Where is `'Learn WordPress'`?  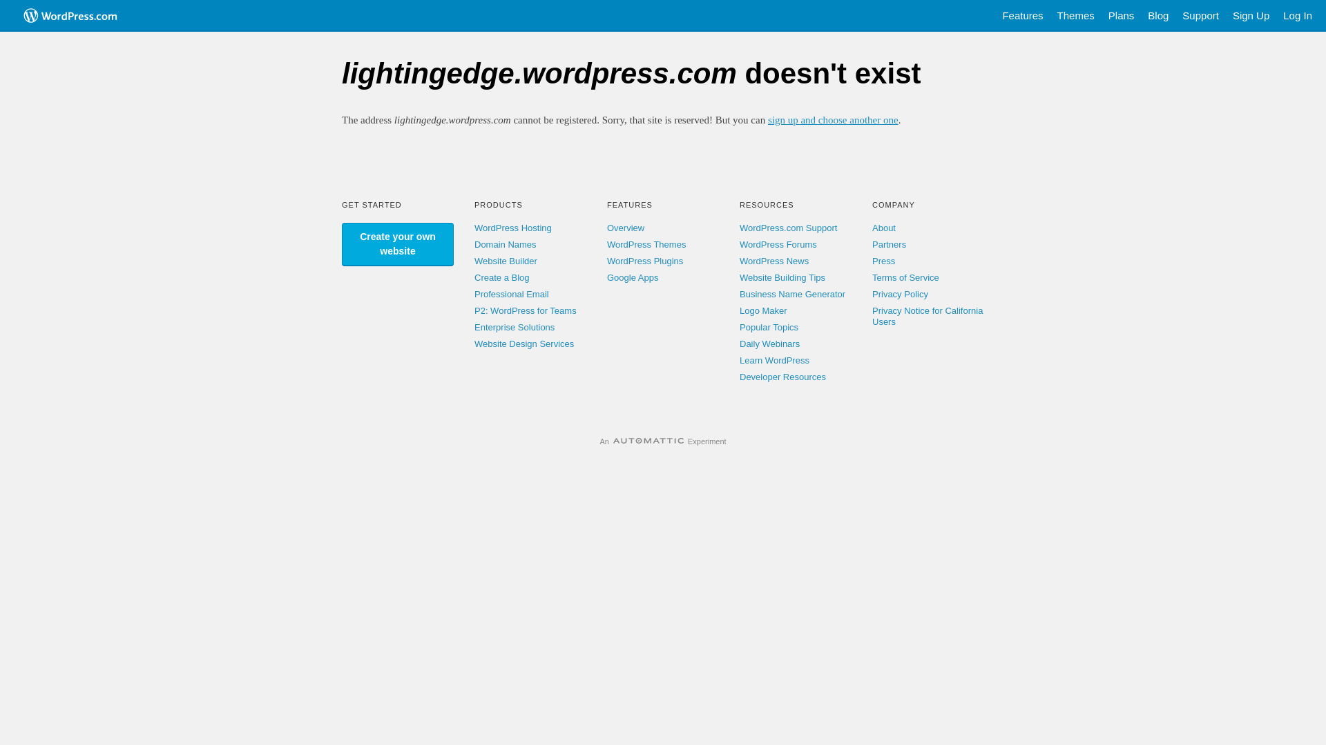 'Learn WordPress' is located at coordinates (774, 359).